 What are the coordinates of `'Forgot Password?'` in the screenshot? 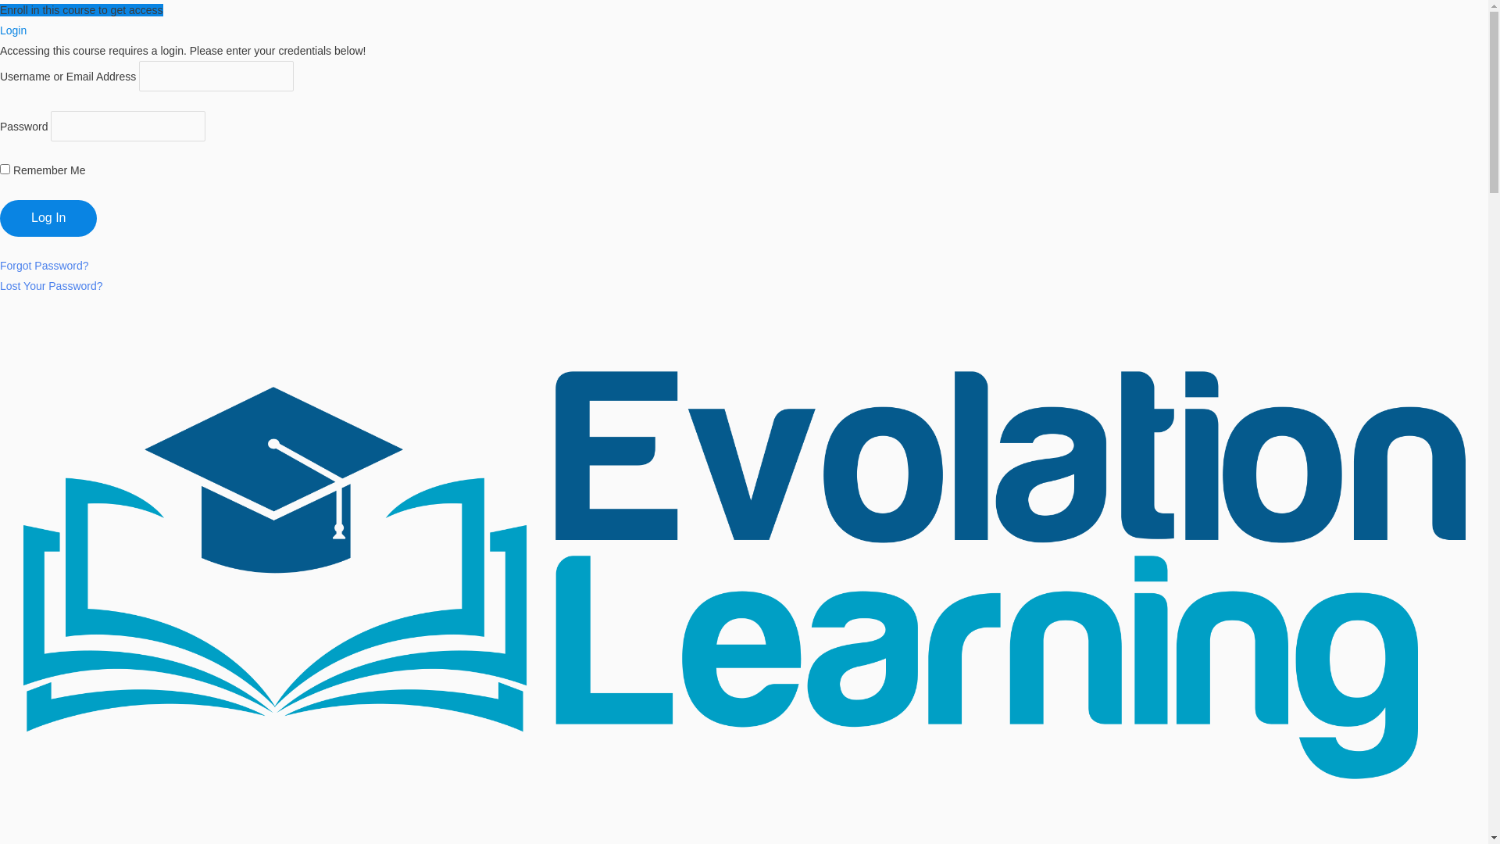 It's located at (45, 264).